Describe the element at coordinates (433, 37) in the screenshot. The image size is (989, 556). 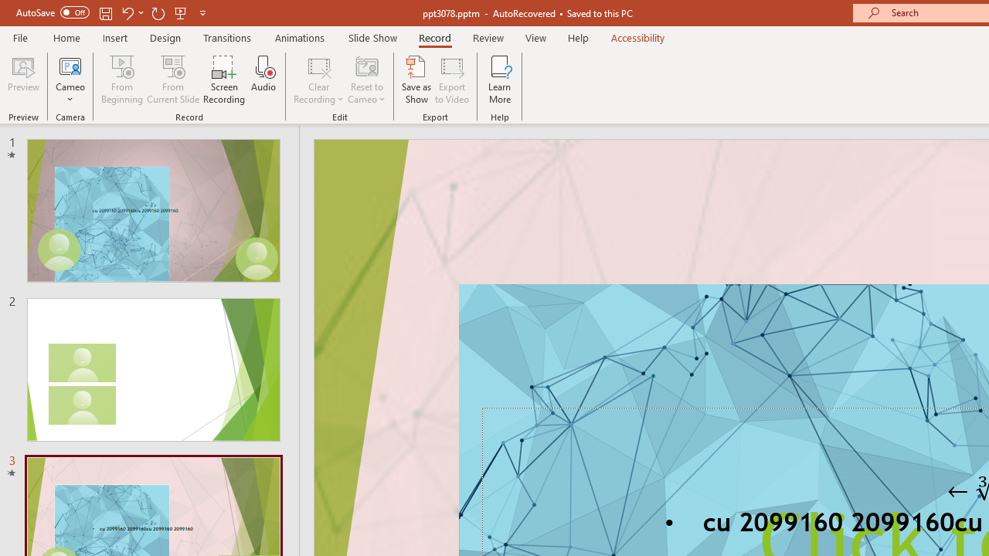
I see `'Record'` at that location.